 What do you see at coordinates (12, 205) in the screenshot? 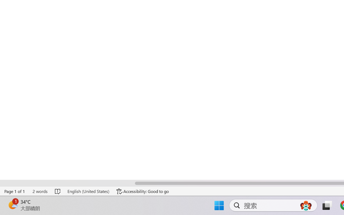
I see `'AutomationID: BadgeAnchorLargeTicker'` at bounding box center [12, 205].